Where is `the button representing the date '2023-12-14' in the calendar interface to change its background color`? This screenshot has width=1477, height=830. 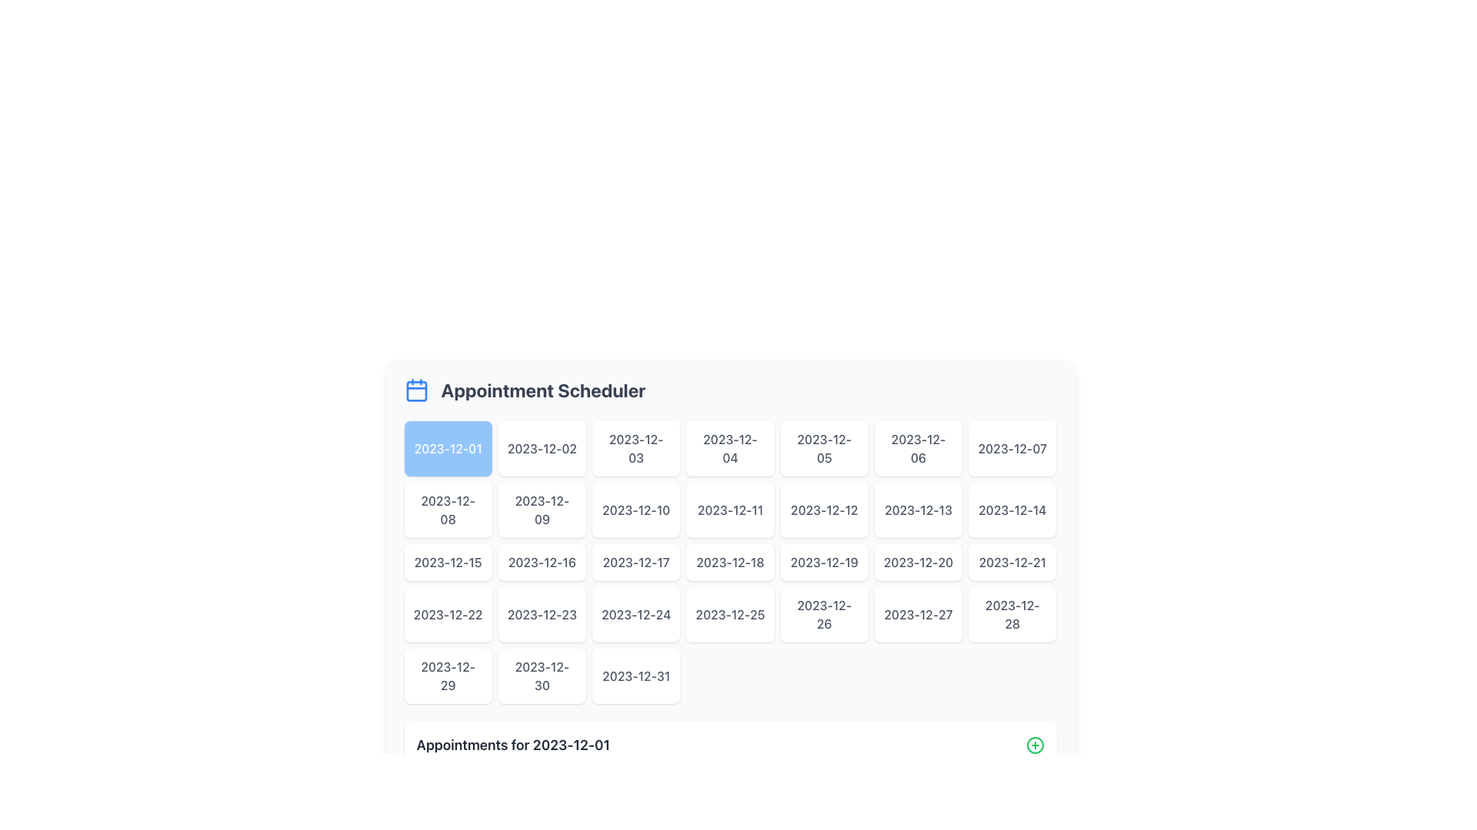
the button representing the date '2023-12-14' in the calendar interface to change its background color is located at coordinates (1012, 510).